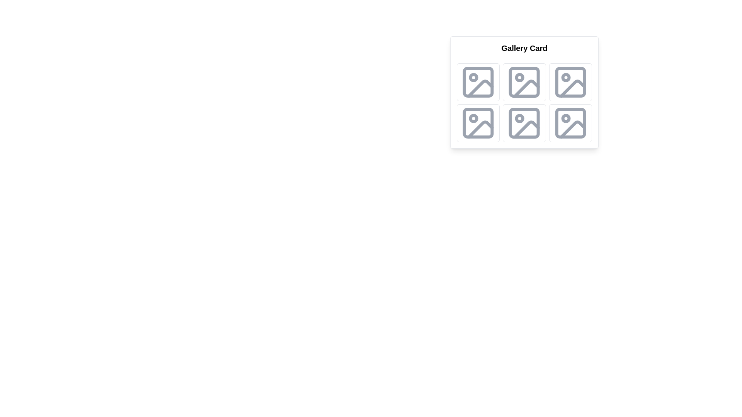 This screenshot has width=742, height=417. Describe the element at coordinates (478, 82) in the screenshot. I see `the small rectangle within the picture frame icon that is located at the top-left corner of the grid section of the interface` at that location.